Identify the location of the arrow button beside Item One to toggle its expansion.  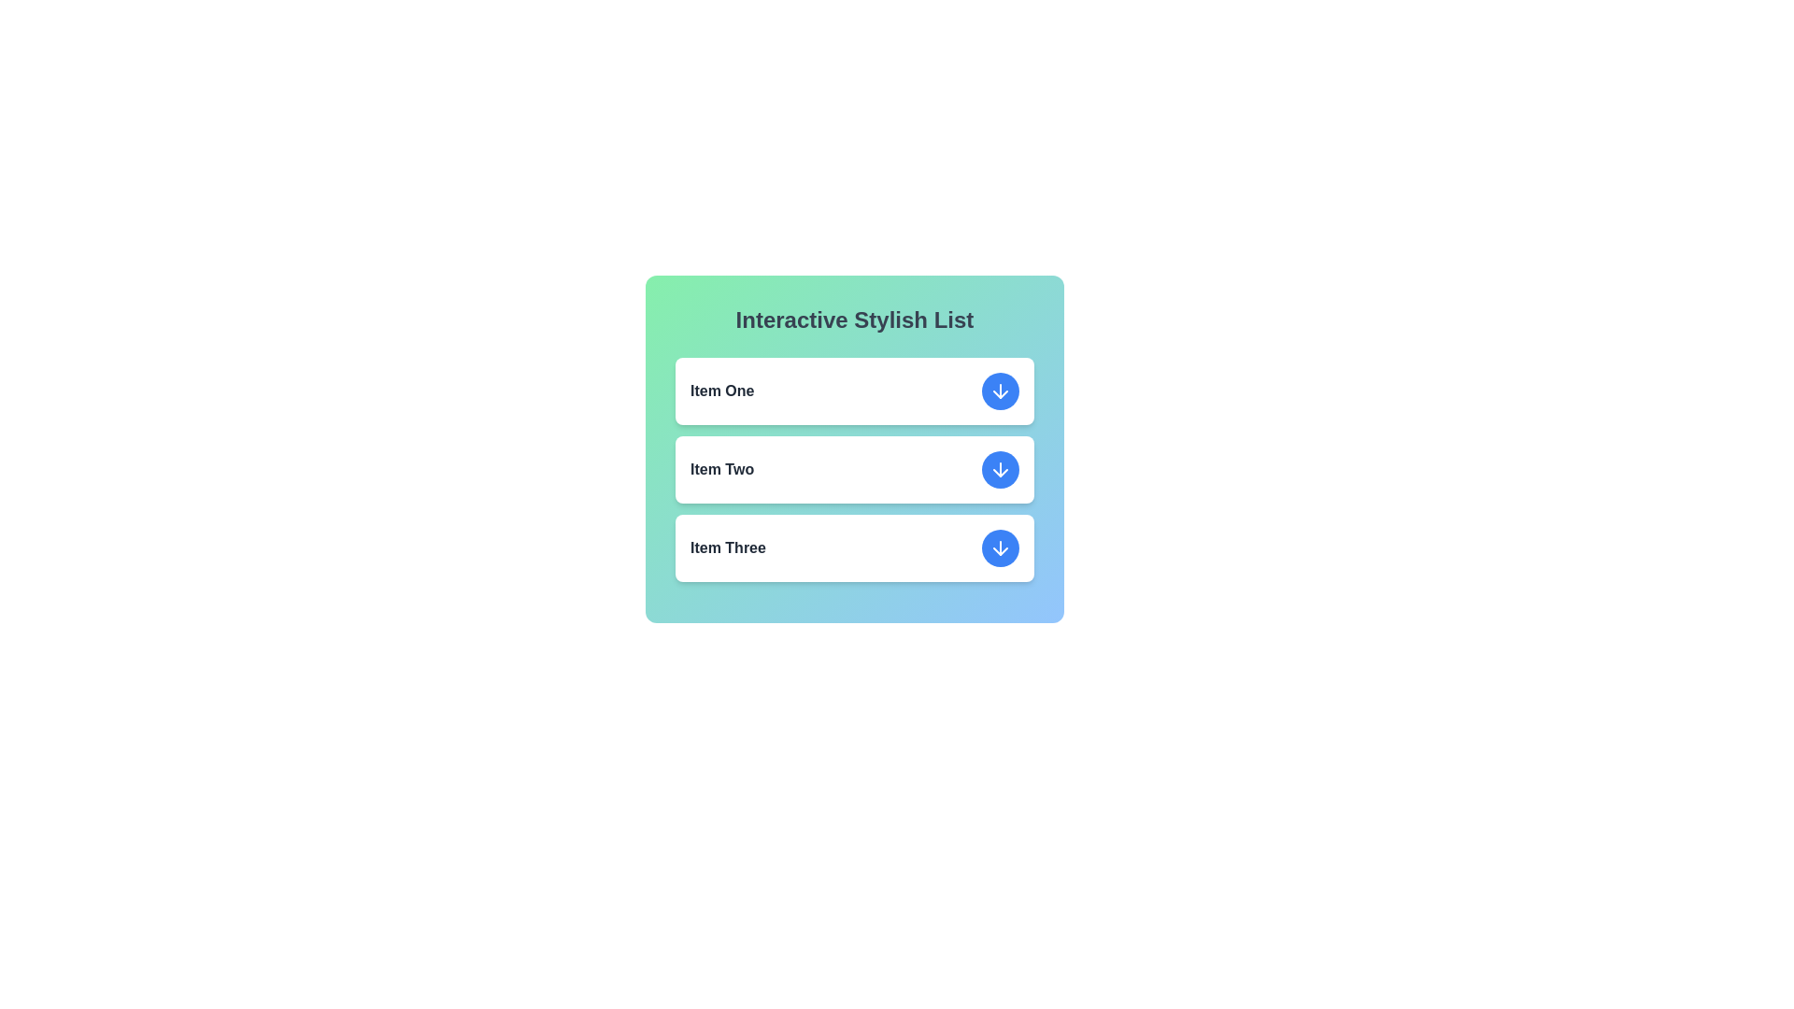
(999, 391).